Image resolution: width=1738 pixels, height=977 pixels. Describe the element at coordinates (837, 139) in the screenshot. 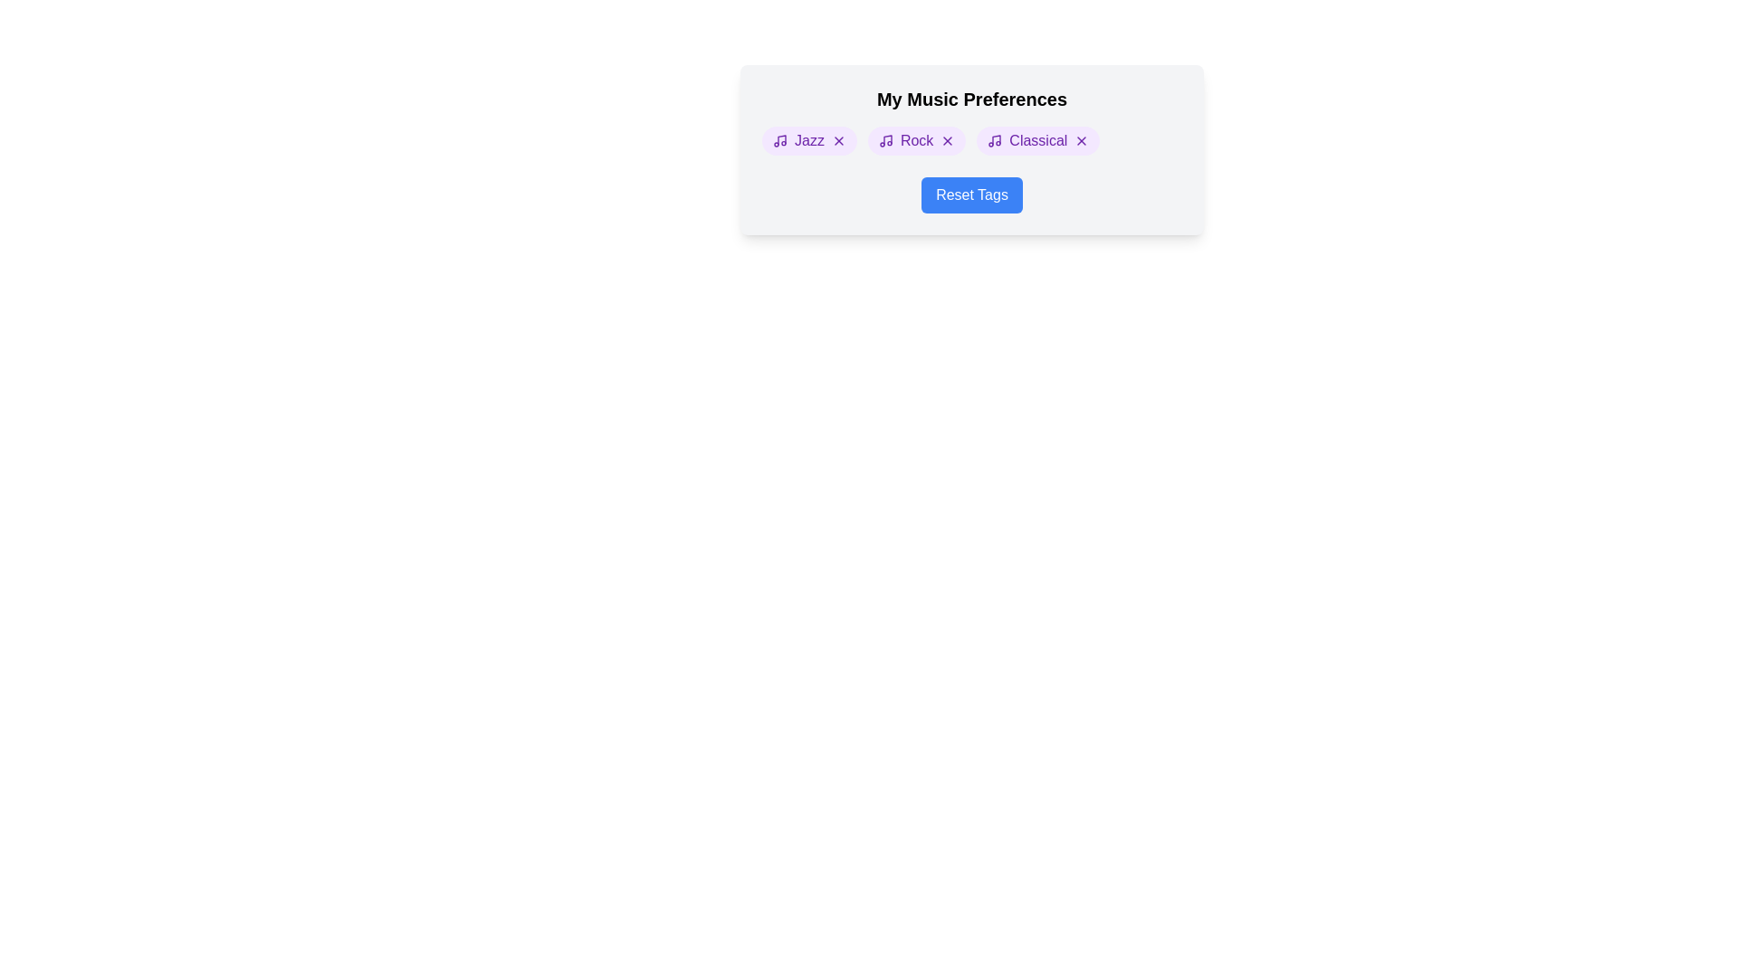

I see `the remove button for the tag Jazz to delete it` at that location.